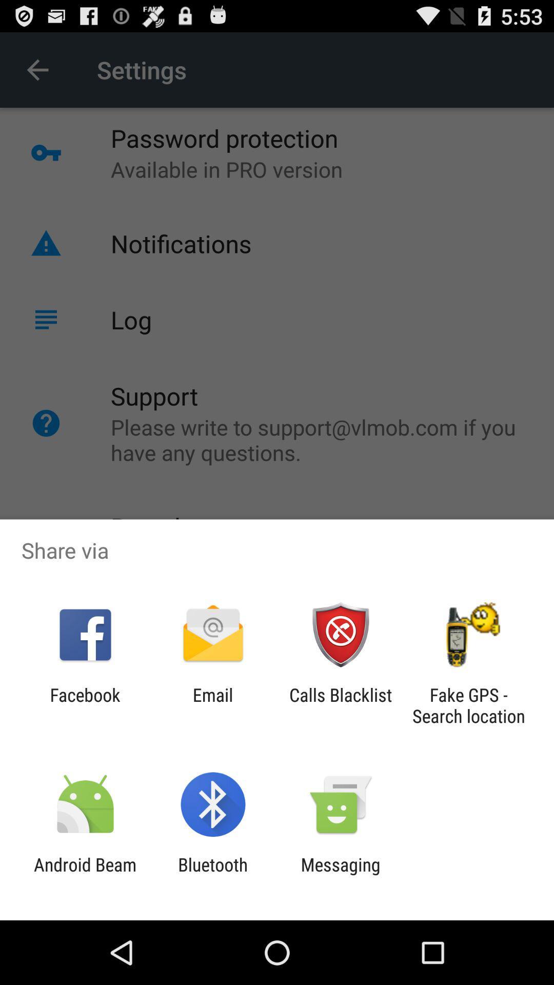  Describe the element at coordinates (212, 875) in the screenshot. I see `the icon next to android beam app` at that location.